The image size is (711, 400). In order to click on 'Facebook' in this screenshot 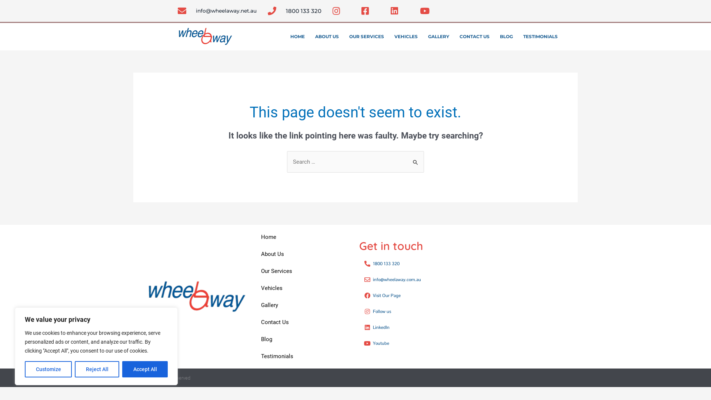, I will do `click(499, 378)`.